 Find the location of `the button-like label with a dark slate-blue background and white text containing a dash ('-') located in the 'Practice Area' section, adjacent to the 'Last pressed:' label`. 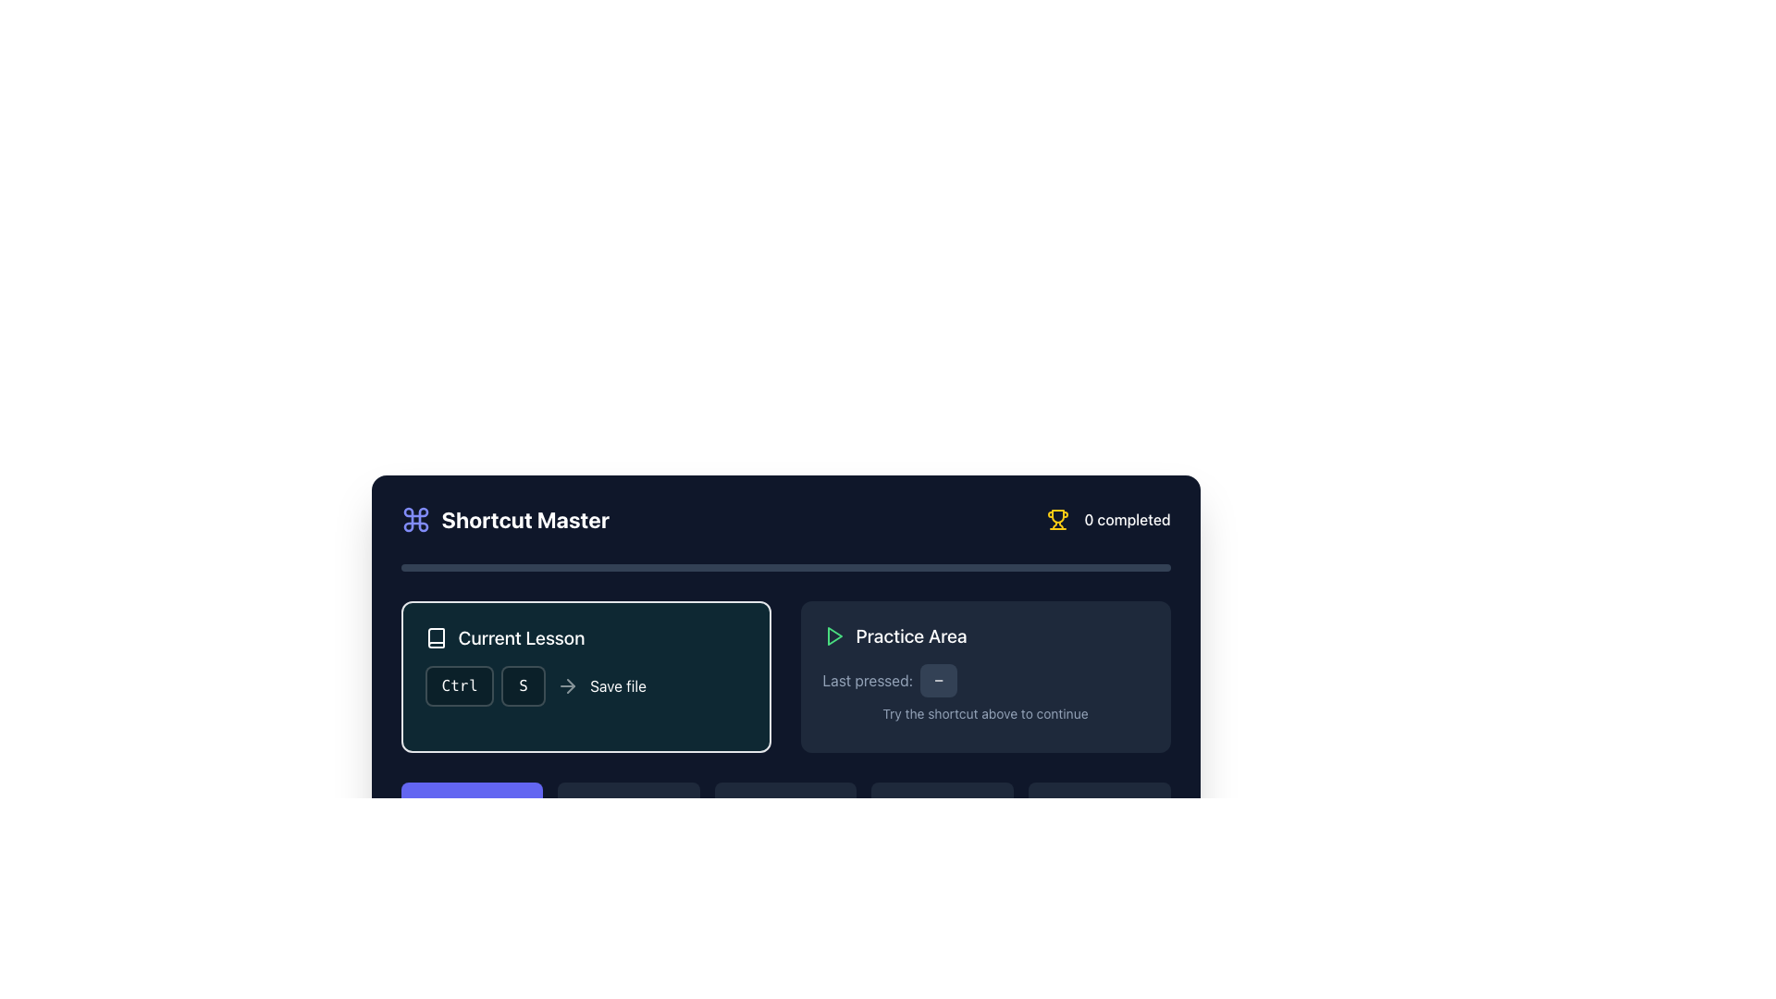

the button-like label with a dark slate-blue background and white text containing a dash ('-') located in the 'Practice Area' section, adjacent to the 'Last pressed:' label is located at coordinates (939, 681).